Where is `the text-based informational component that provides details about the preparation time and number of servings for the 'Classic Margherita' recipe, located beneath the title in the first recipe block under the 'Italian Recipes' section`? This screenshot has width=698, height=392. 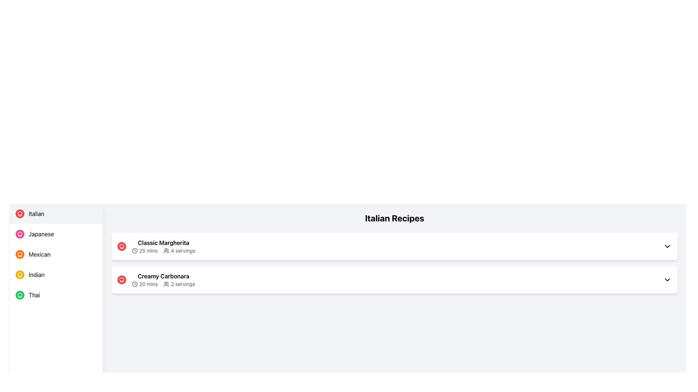 the text-based informational component that provides details about the preparation time and number of servings for the 'Classic Margherita' recipe, located beneath the title in the first recipe block under the 'Italian Recipes' section is located at coordinates (163, 250).